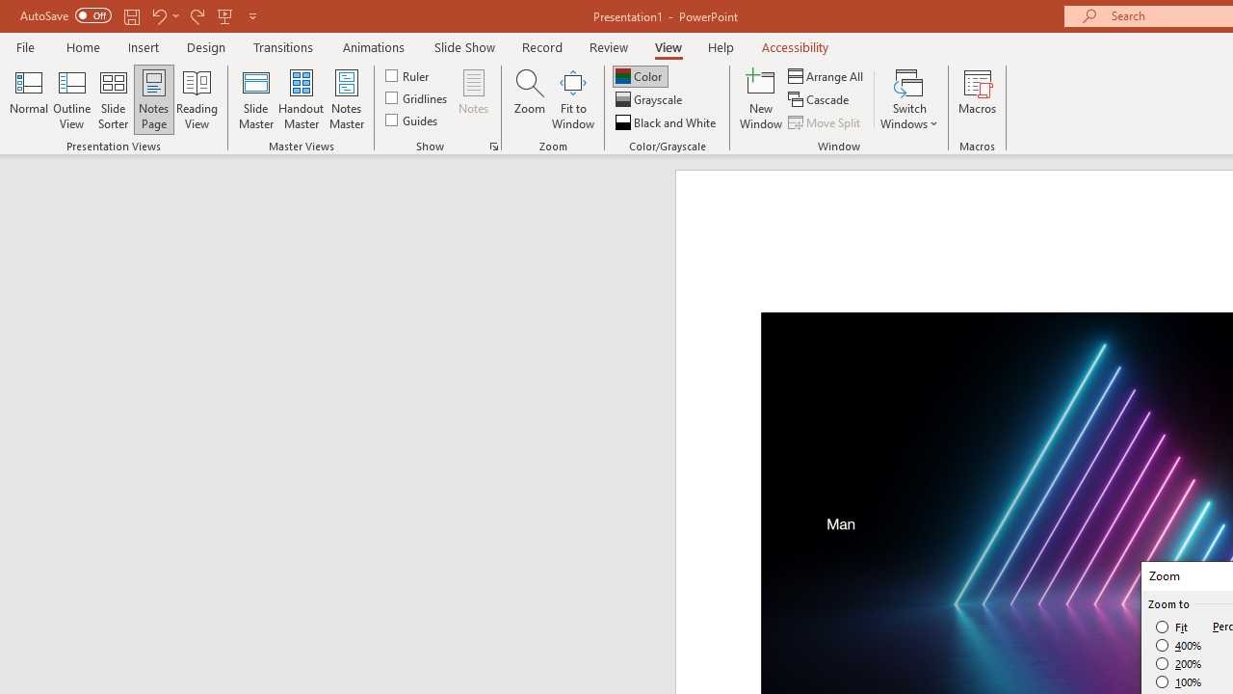 The width and height of the screenshot is (1233, 694). Describe the element at coordinates (820, 99) in the screenshot. I see `'Cascade'` at that location.